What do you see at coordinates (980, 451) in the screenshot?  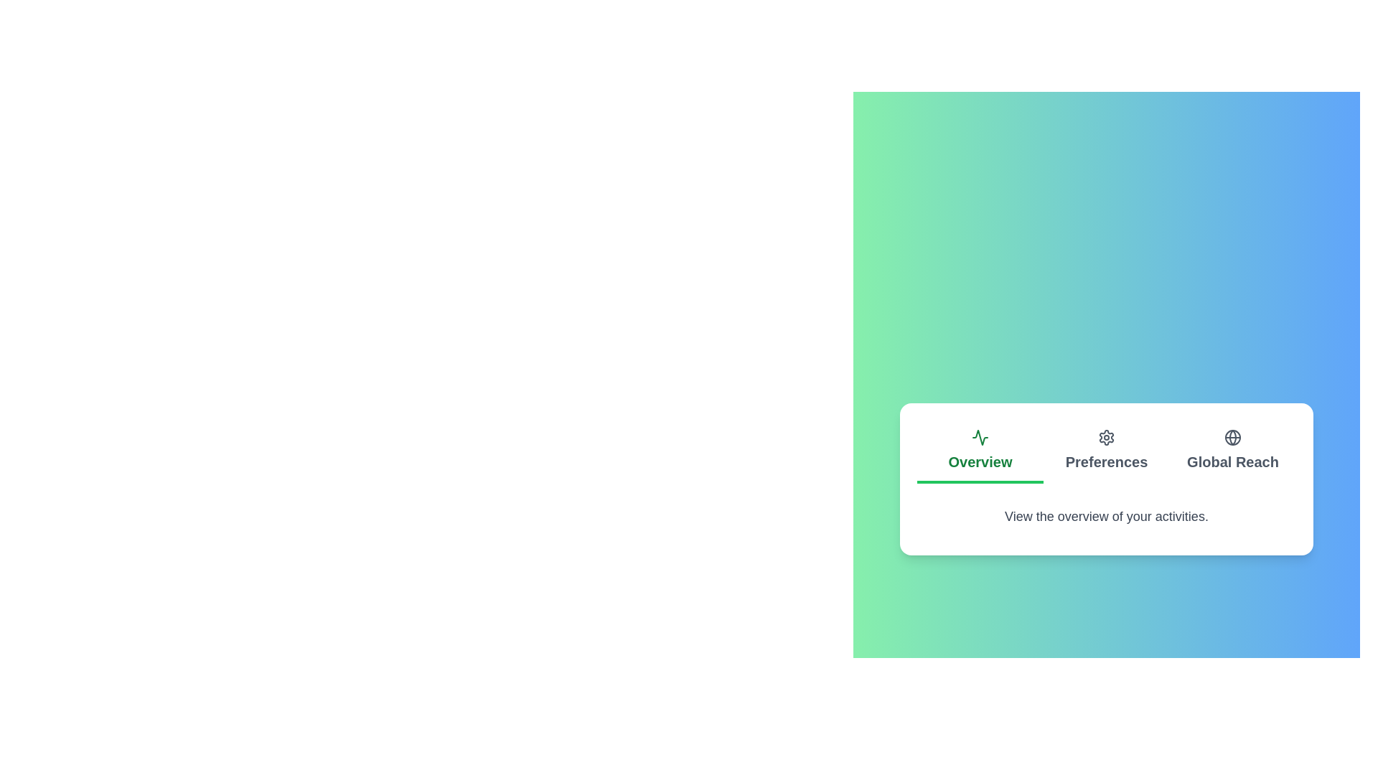 I see `the Overview tab to see its interactive effect` at bounding box center [980, 451].